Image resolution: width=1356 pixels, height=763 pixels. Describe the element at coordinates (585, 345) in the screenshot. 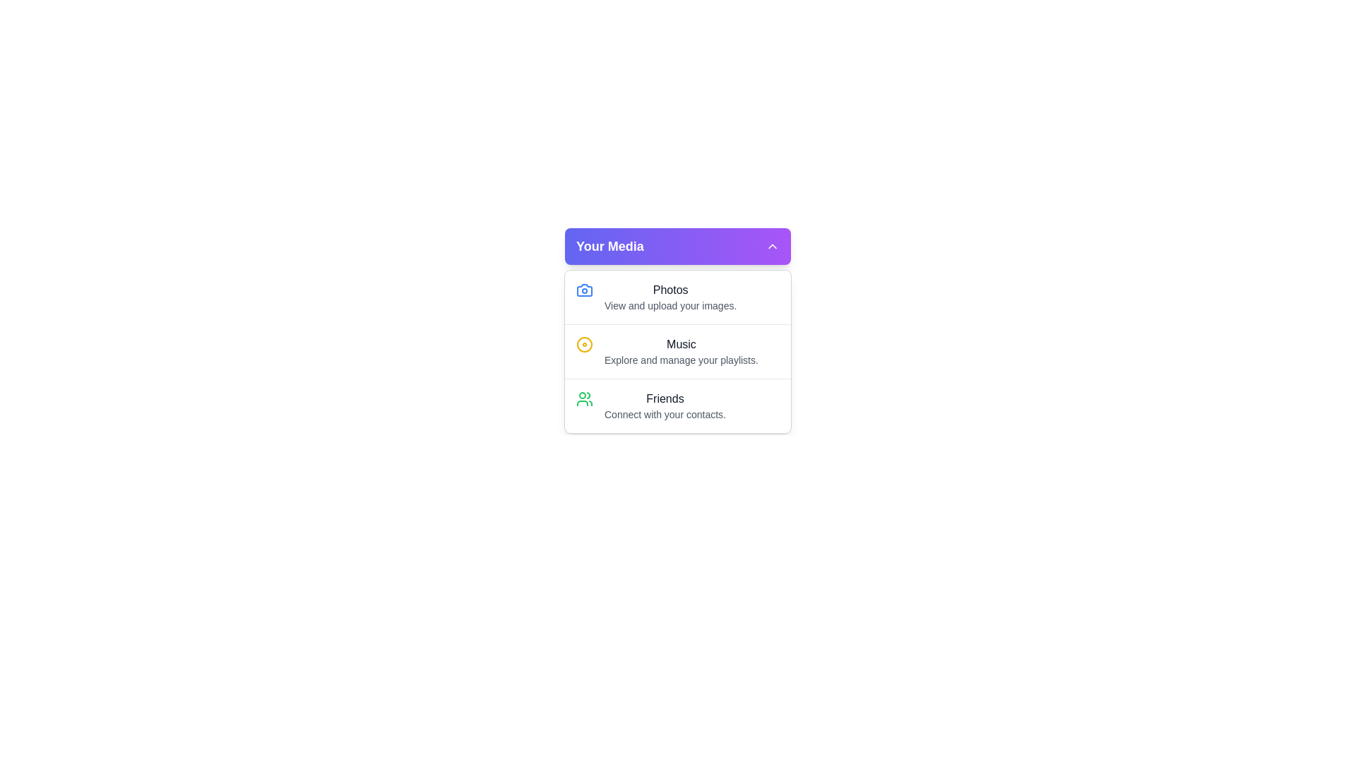

I see `the circular SVG graphical element with a yellow border that is part of the icon set next to the 'Music' section in the vertically stacked options menu` at that location.